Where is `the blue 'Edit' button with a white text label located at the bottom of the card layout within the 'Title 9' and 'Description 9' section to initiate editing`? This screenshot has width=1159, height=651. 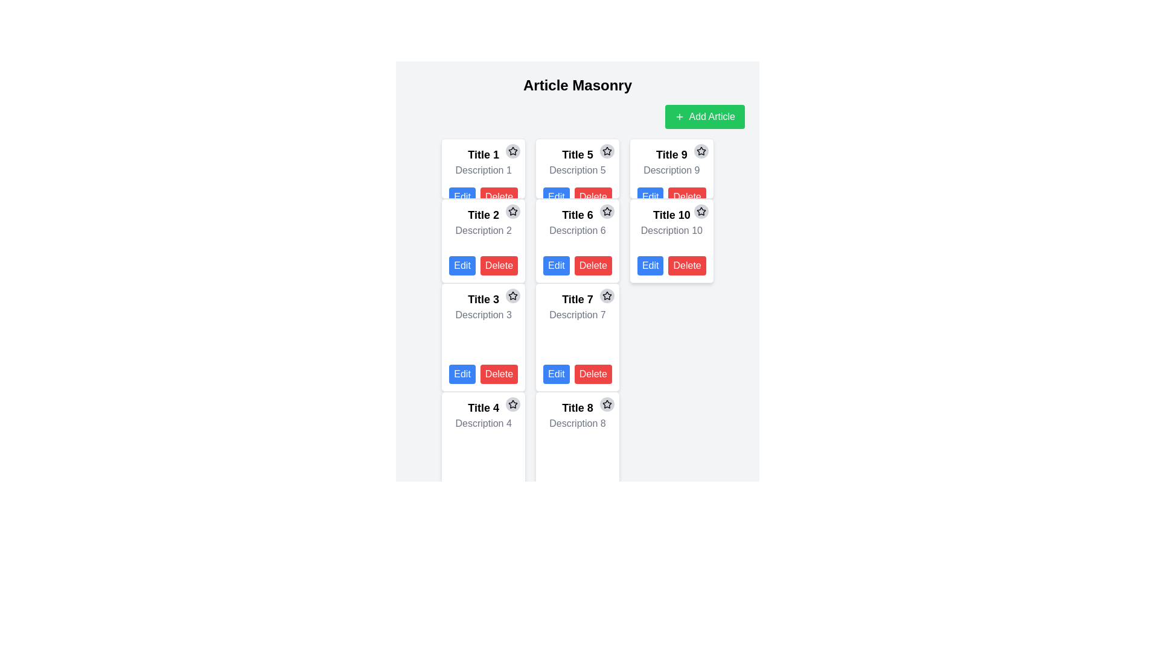
the blue 'Edit' button with a white text label located at the bottom of the card layout within the 'Title 9' and 'Description 9' section to initiate editing is located at coordinates (650, 197).